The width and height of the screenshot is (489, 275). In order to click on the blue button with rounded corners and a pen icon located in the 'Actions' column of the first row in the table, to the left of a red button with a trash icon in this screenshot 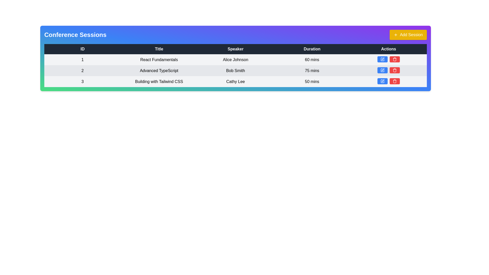, I will do `click(382, 59)`.